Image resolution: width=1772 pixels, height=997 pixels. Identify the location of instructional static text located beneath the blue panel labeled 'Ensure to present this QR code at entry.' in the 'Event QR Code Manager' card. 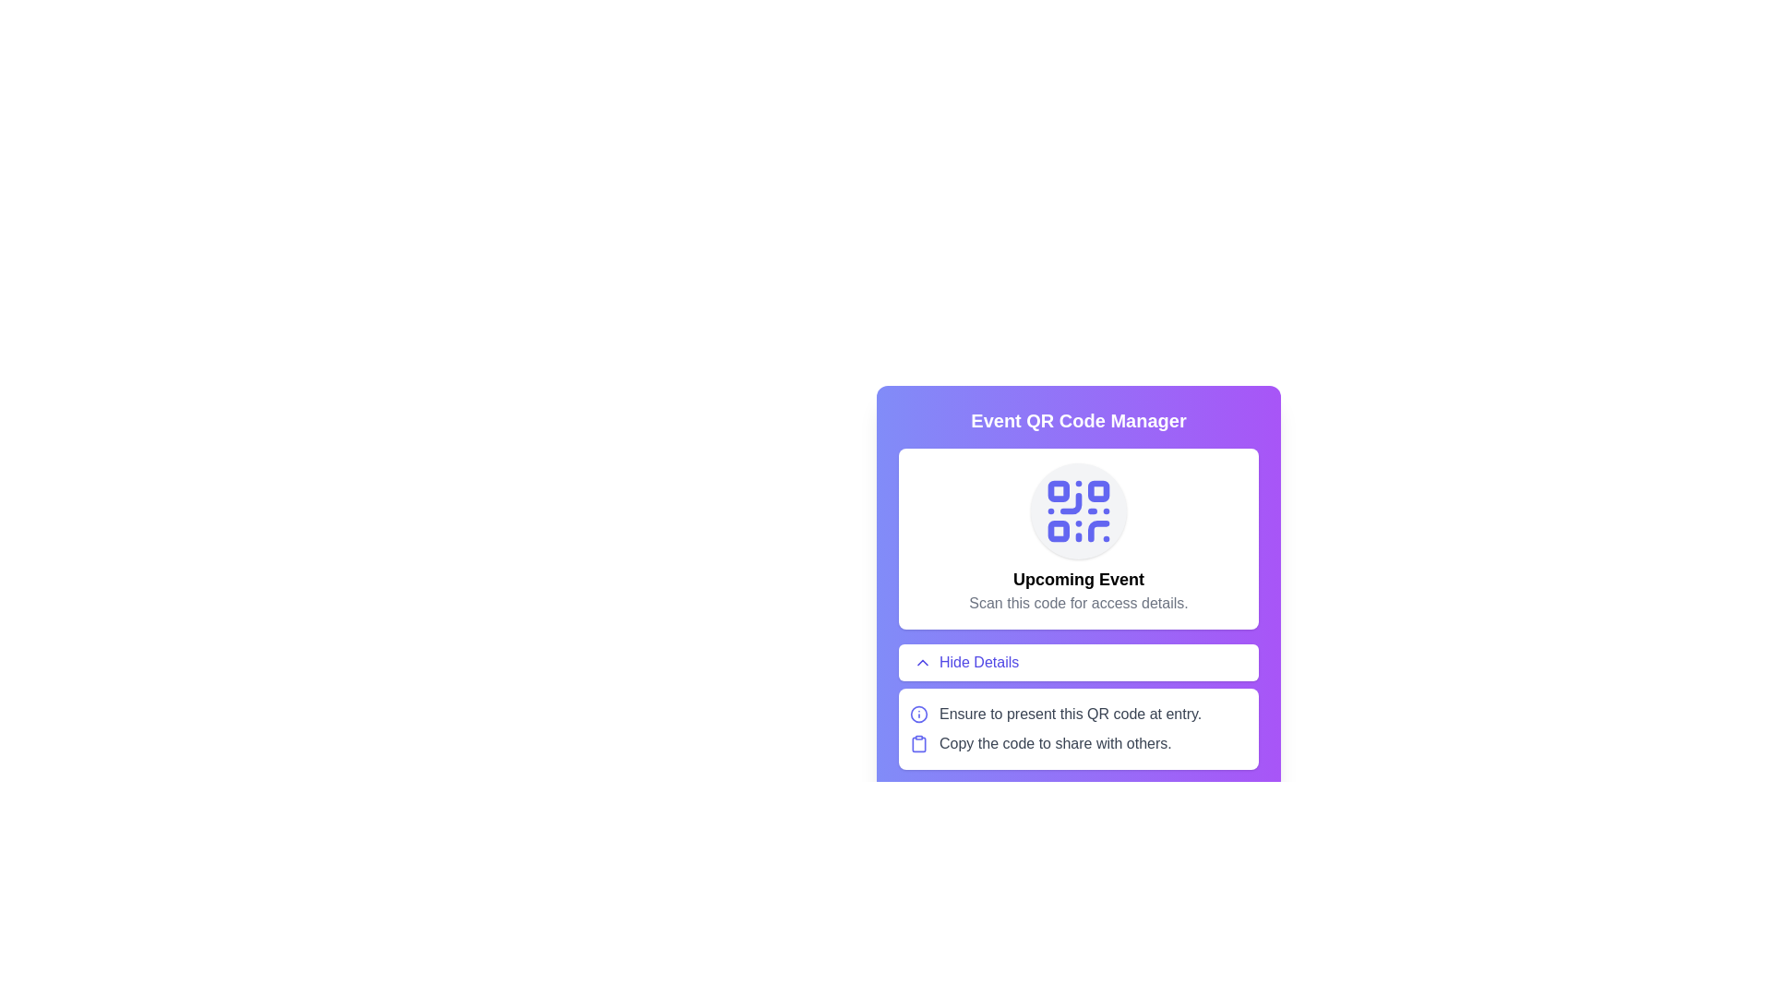
(1055, 743).